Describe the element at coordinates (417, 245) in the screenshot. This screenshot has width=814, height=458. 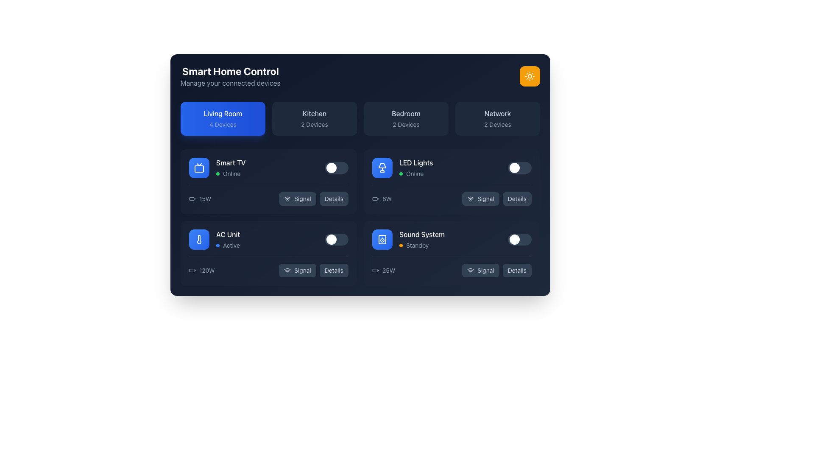
I see `the status label indicating the current operational state of the 'Sound System', located in the lower right quadrant of the interface beneath the 'Sound System' label` at that location.